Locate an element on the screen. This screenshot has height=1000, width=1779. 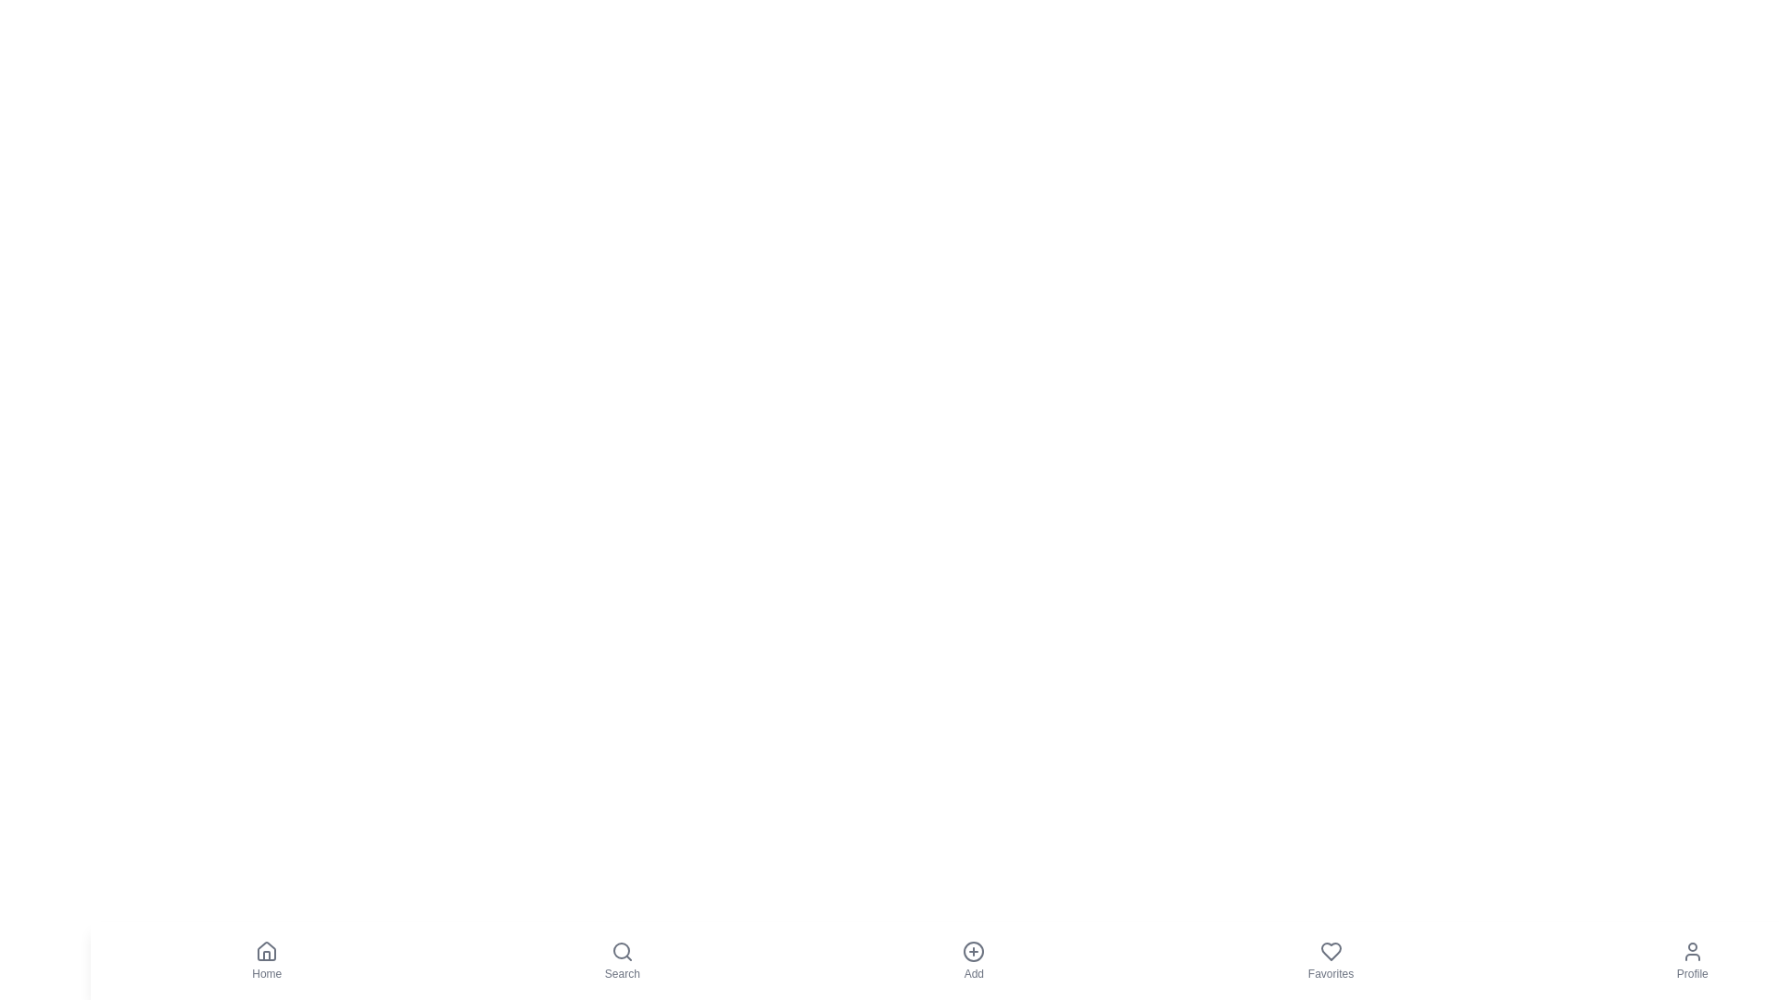
the heart-shaped icon located in the 'Favorites' section of the bottom navigation bar, positioned above the 'Favorites' text label is located at coordinates (1330, 952).